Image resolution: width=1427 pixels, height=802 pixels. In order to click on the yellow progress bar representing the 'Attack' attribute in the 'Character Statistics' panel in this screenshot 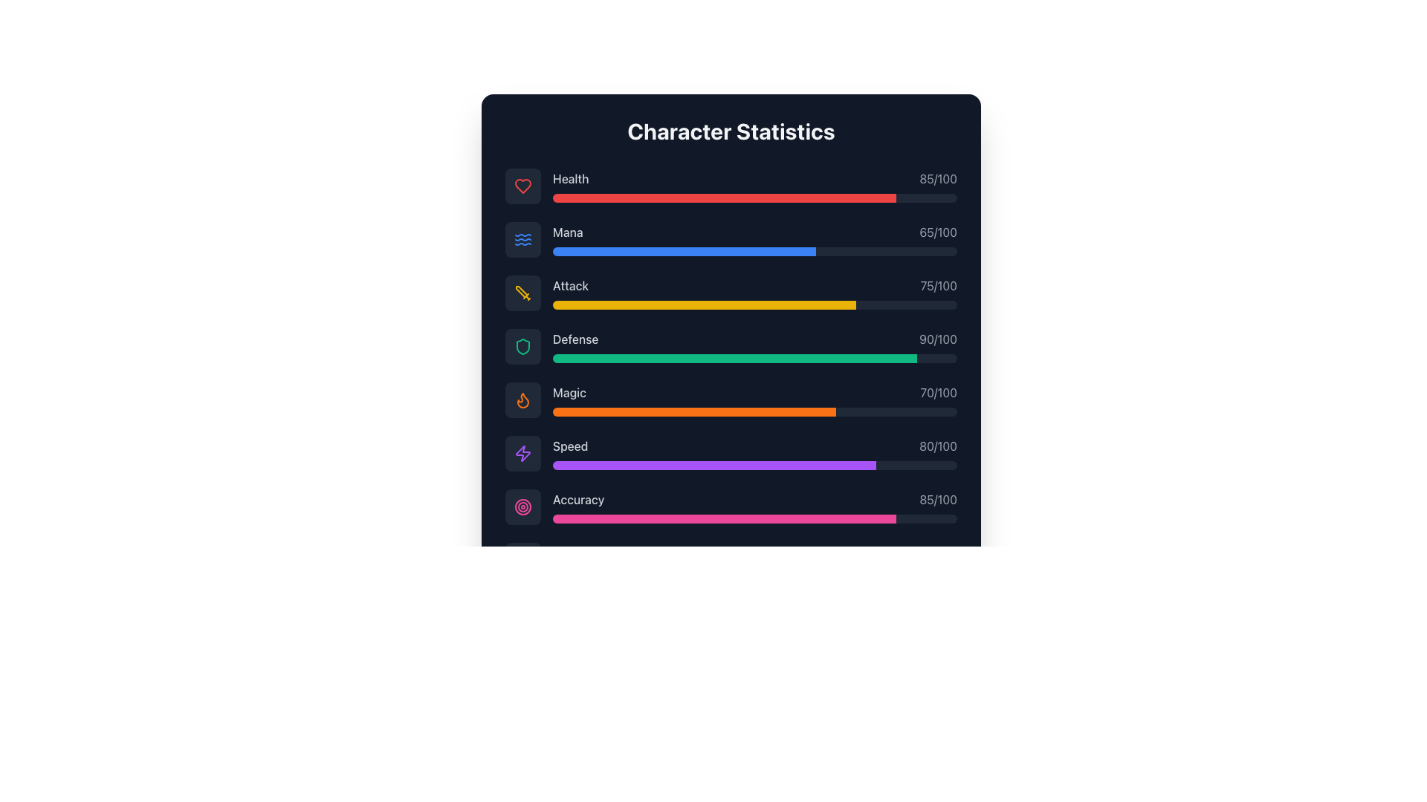, I will do `click(704, 304)`.